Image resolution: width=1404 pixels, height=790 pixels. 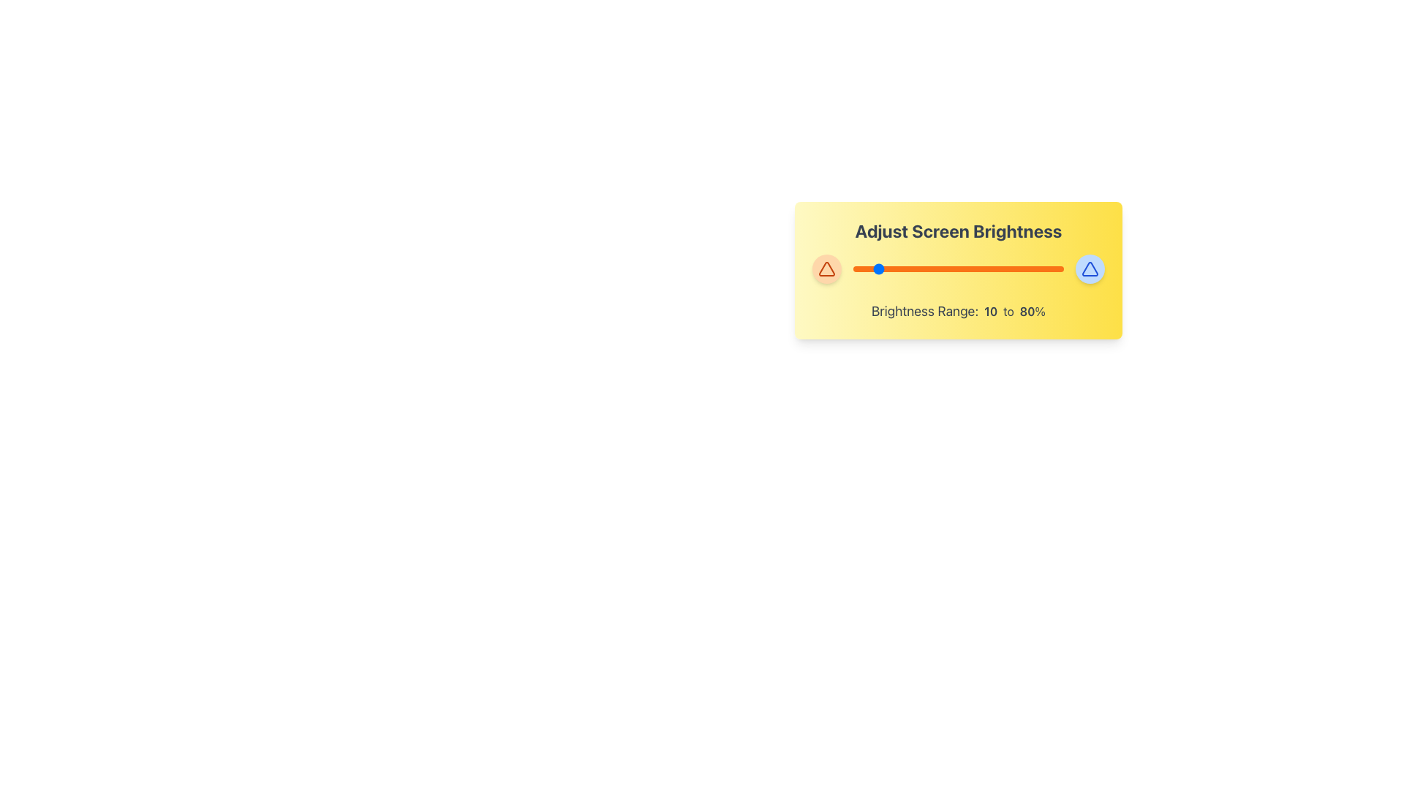 What do you see at coordinates (921, 268) in the screenshot?
I see `brightness` at bounding box center [921, 268].